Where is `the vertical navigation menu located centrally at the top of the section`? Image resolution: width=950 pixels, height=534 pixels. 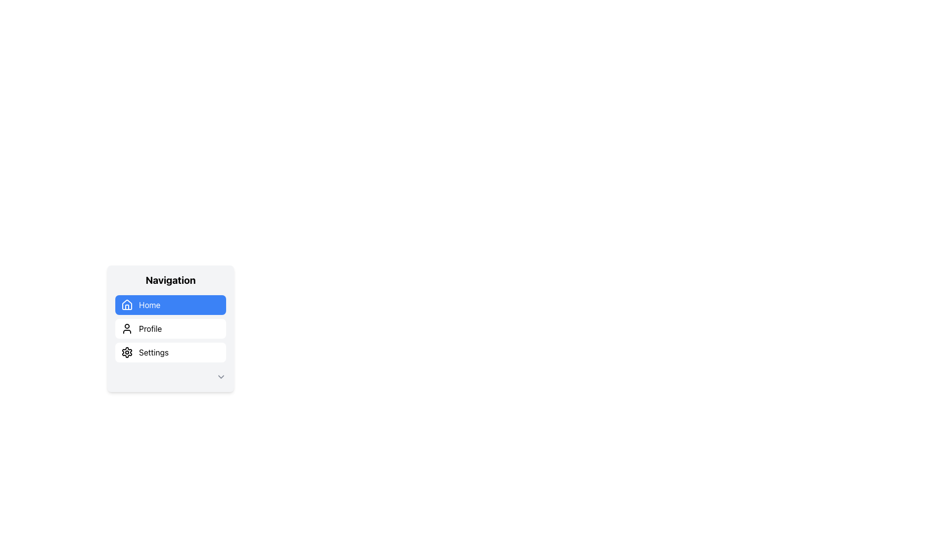
the vertical navigation menu located centrally at the top of the section is located at coordinates (171, 328).